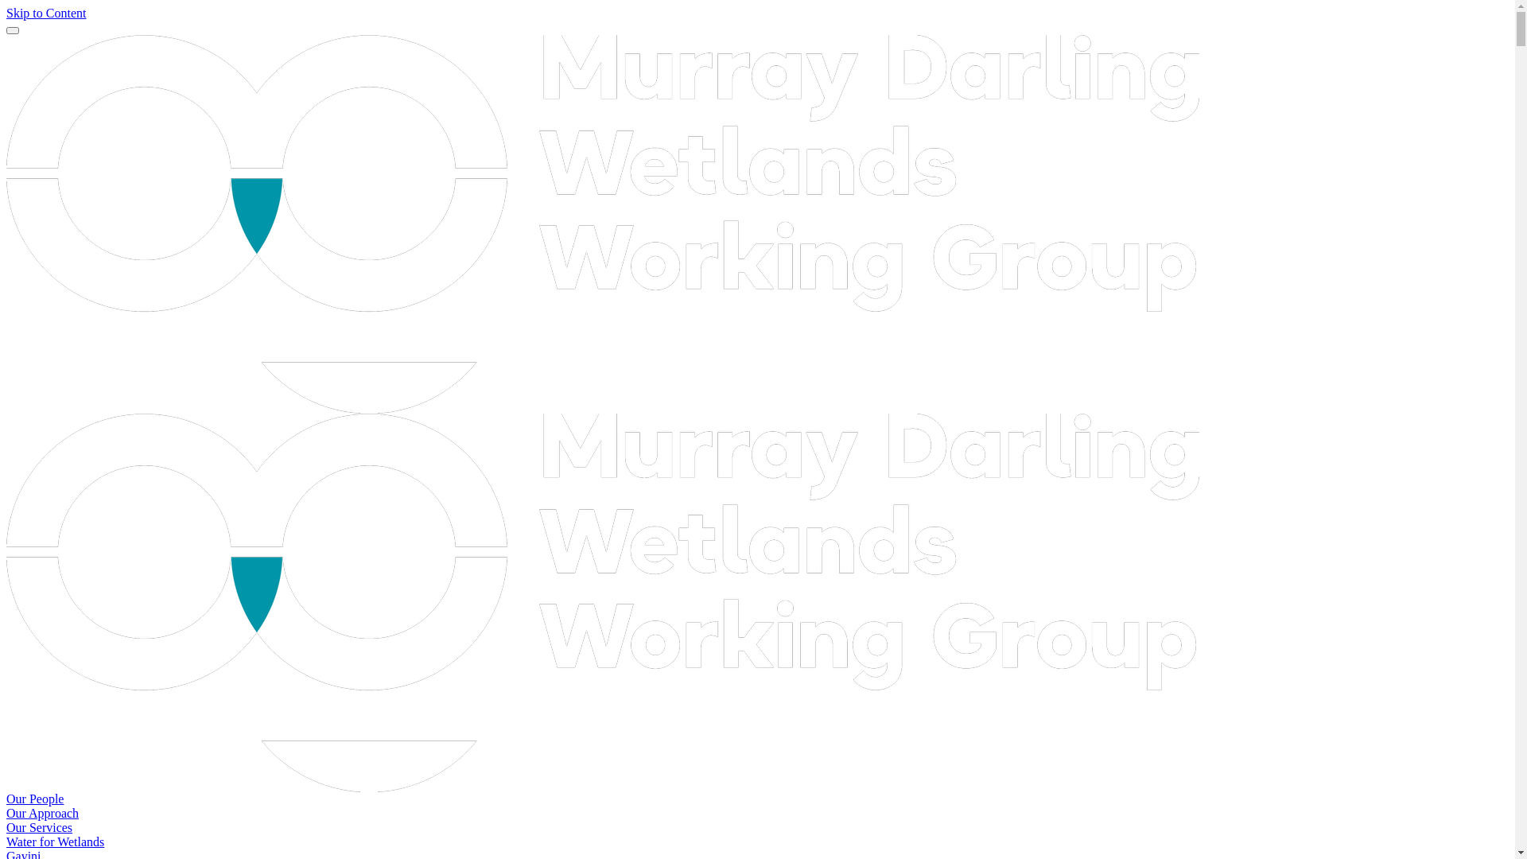 The width and height of the screenshot is (1527, 859). I want to click on 'Skip to Content', so click(45, 13).